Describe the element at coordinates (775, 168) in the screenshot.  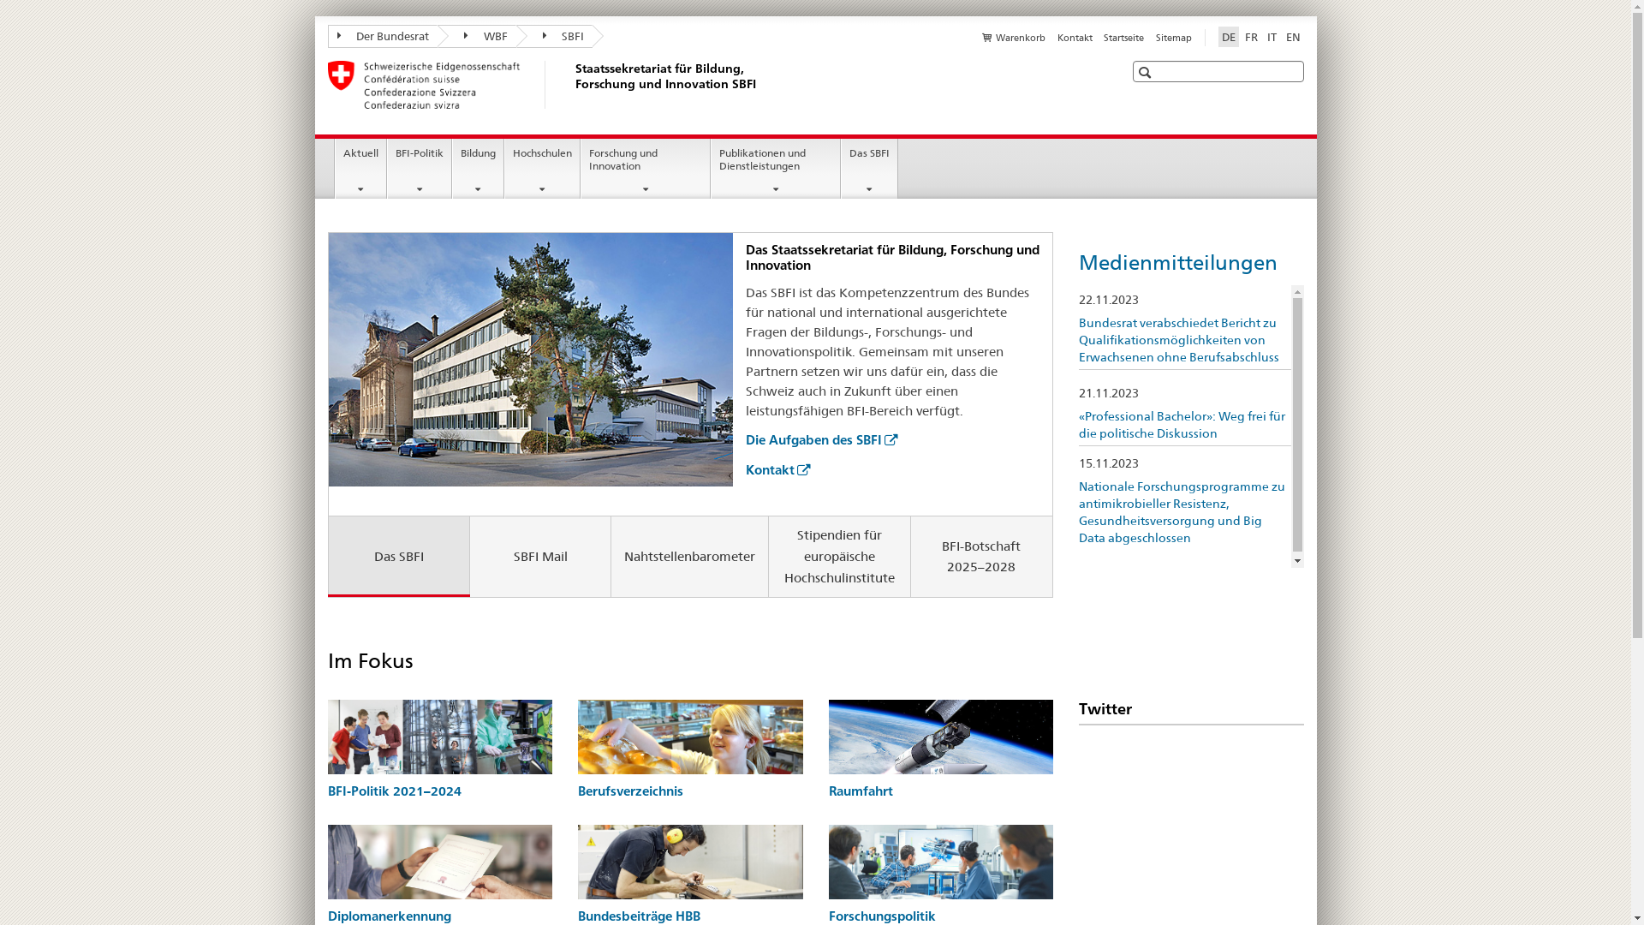
I see `'Publikationen und Dienstleistungen'` at that location.